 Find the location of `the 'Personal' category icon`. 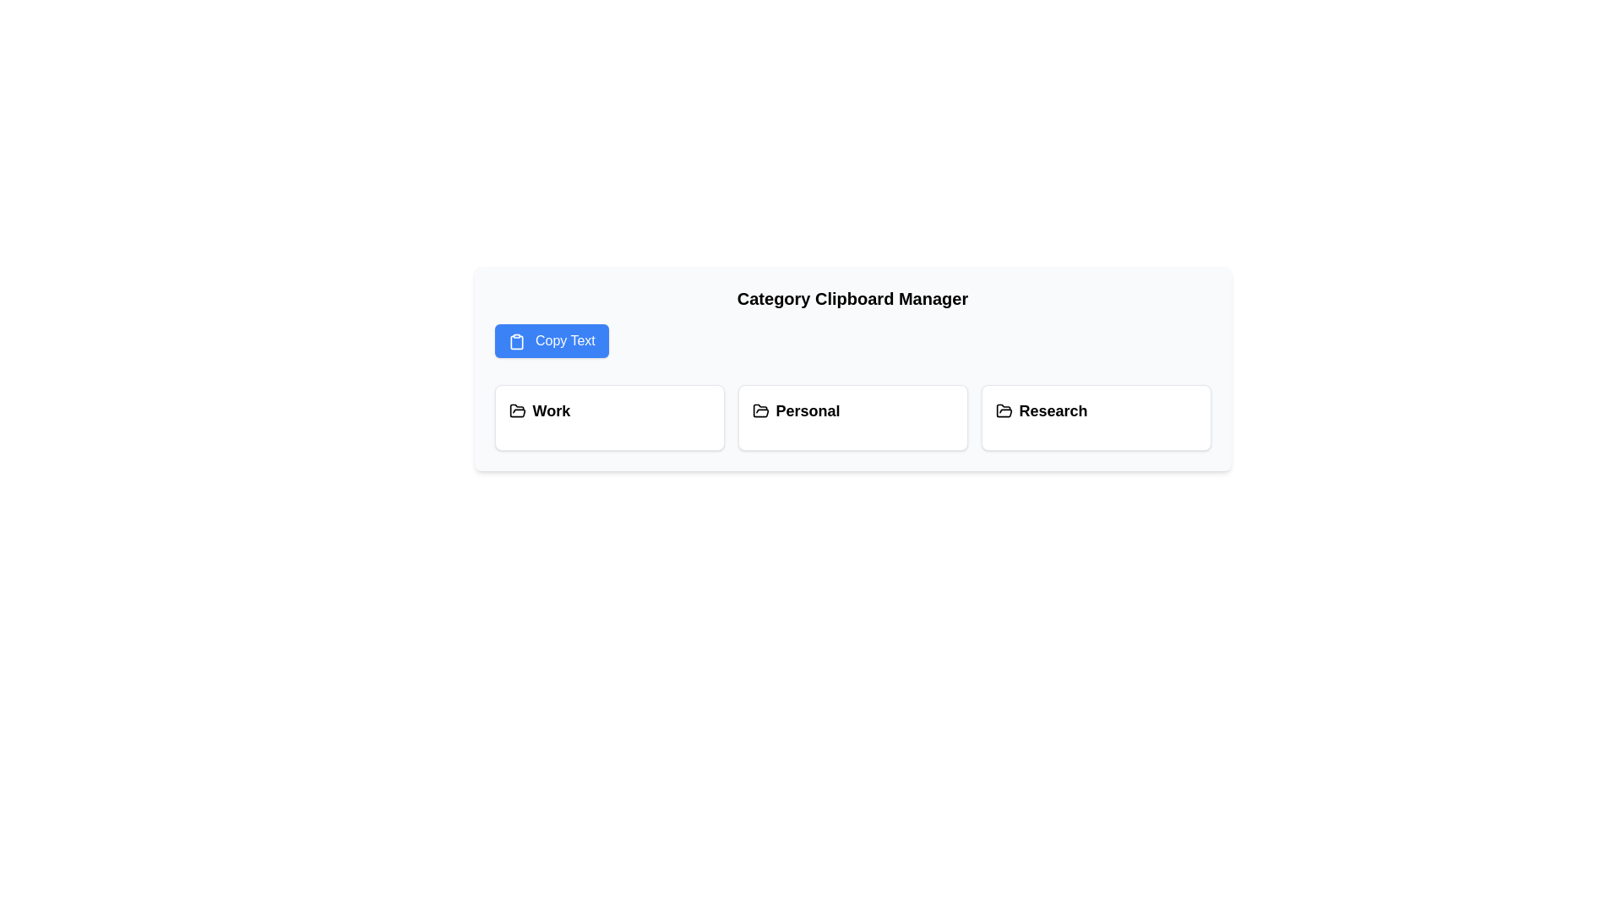

the 'Personal' category icon is located at coordinates (759, 410).